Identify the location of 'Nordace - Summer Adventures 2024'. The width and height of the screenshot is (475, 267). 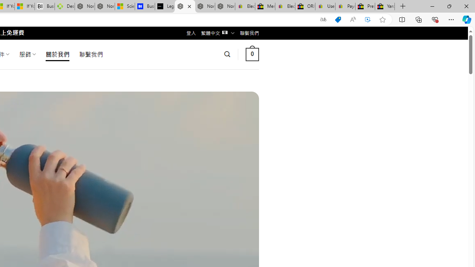
(85, 6).